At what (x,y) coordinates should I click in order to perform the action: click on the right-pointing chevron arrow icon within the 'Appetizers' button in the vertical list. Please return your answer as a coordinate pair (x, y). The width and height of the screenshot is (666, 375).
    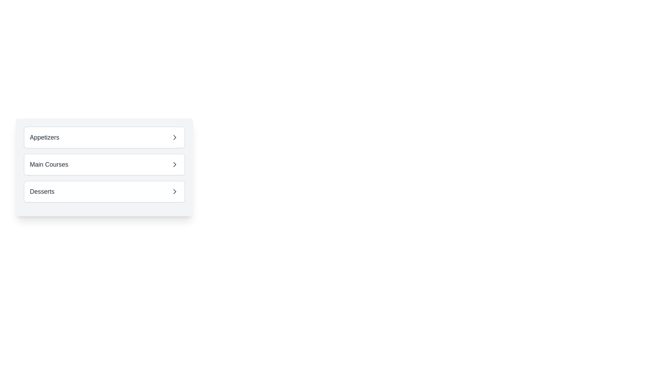
    Looking at the image, I should click on (175, 137).